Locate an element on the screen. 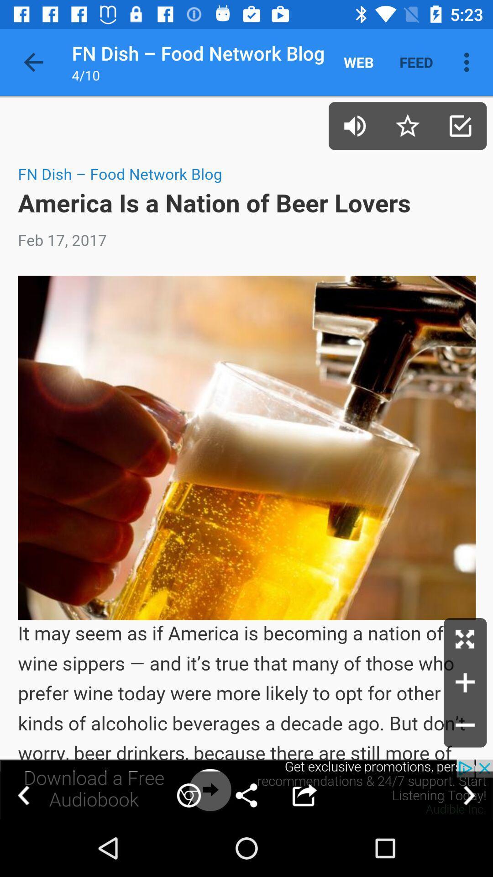  the arrow_forward icon is located at coordinates (469, 795).